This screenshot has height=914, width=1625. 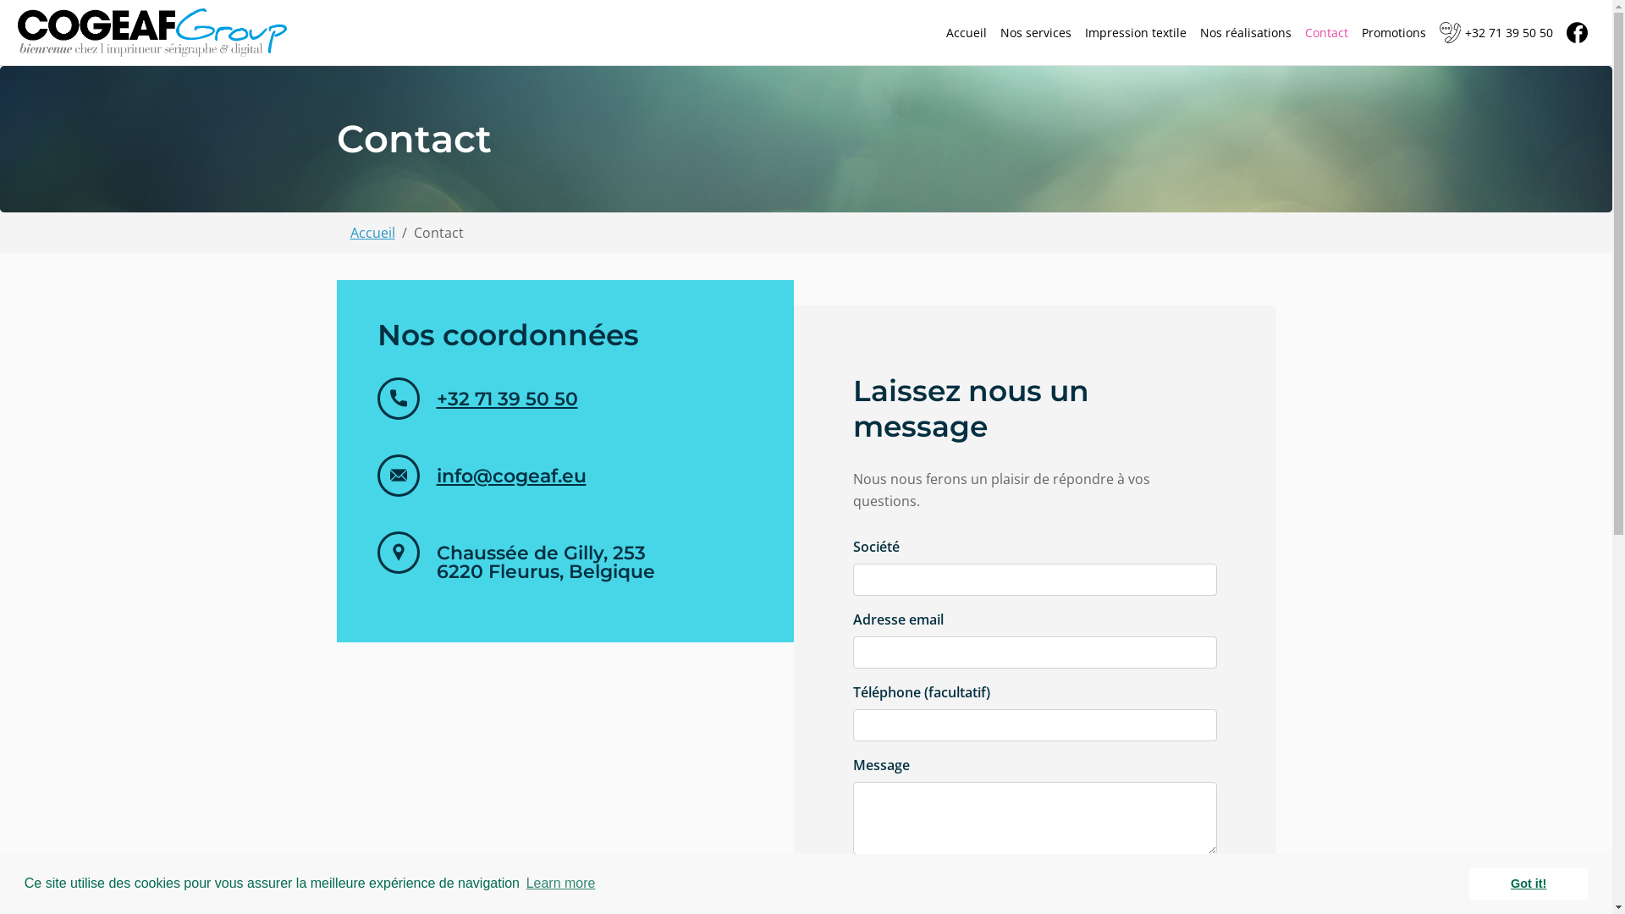 What do you see at coordinates (1325, 32) in the screenshot?
I see `'Contact'` at bounding box center [1325, 32].